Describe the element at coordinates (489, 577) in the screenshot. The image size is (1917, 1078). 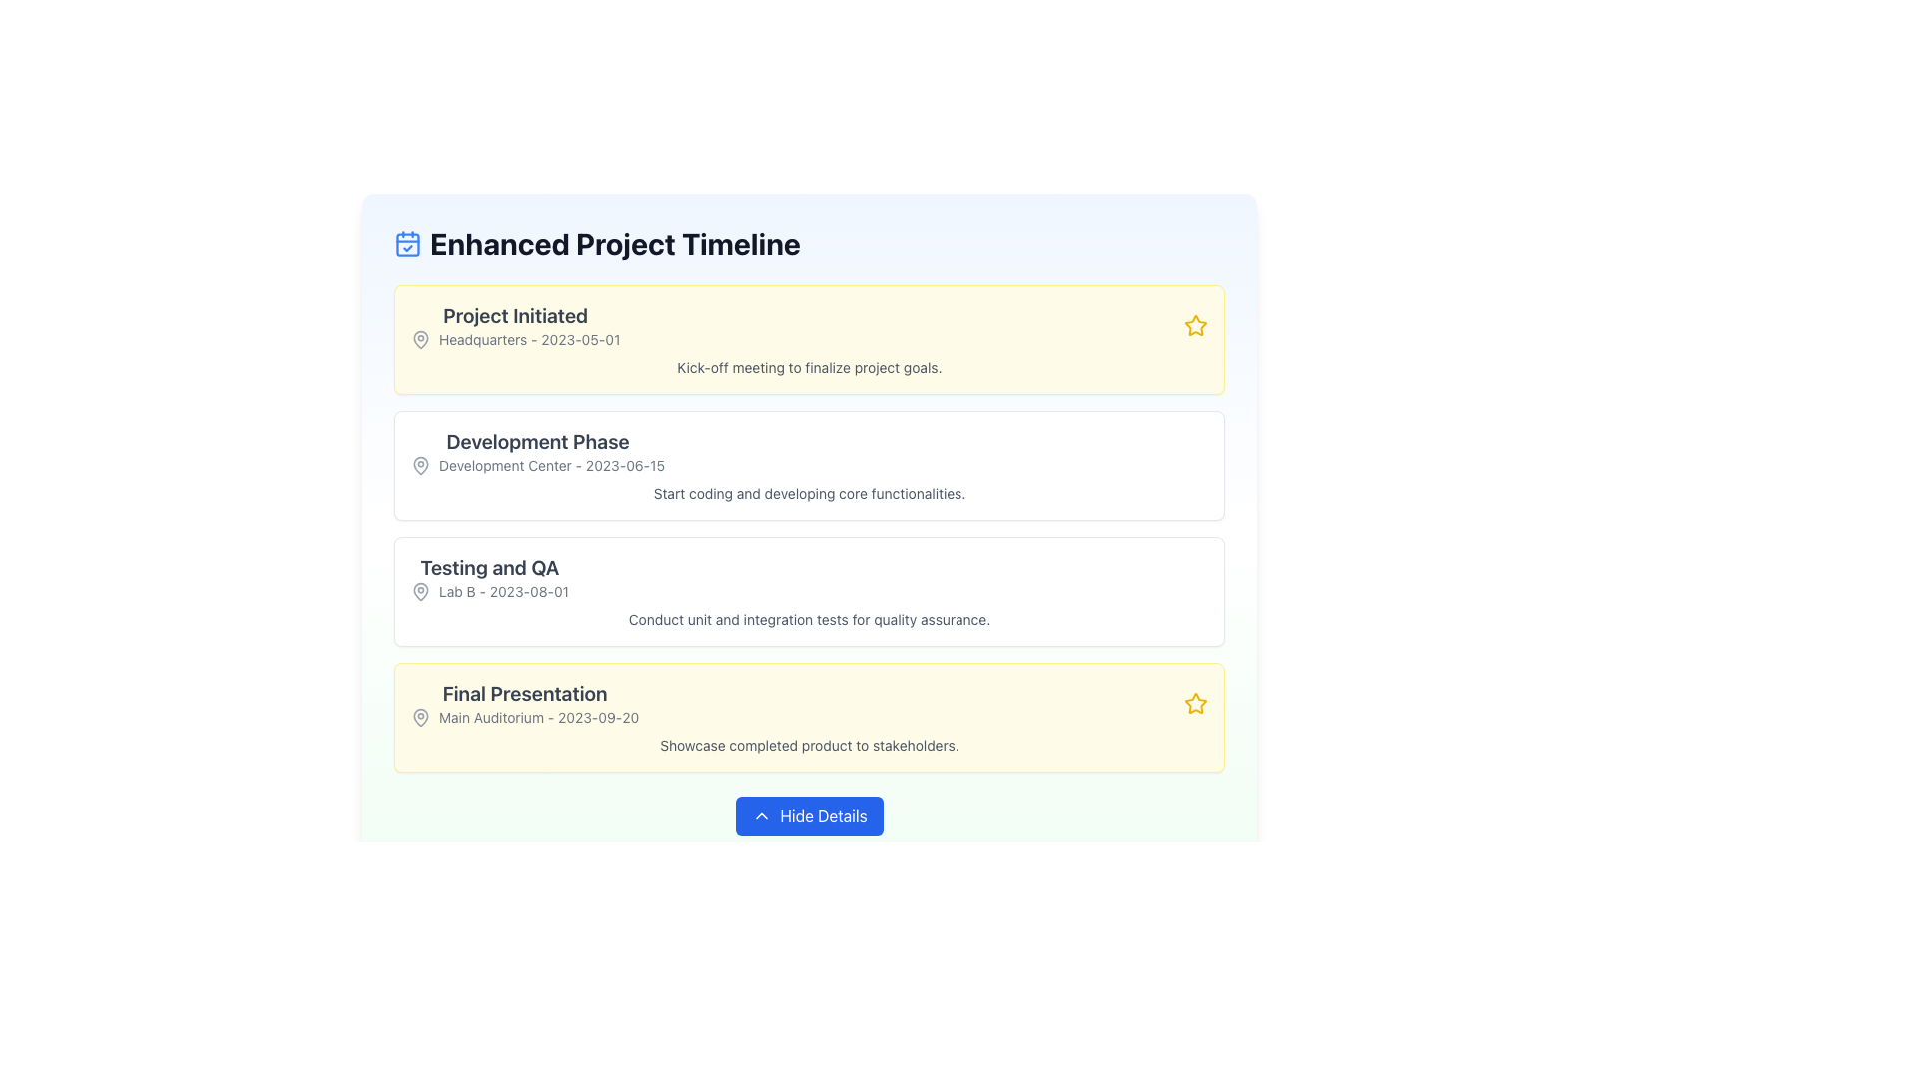
I see `the text element titled 'Testing and QA' in the project timeline, which is the third item in the vertical list` at that location.